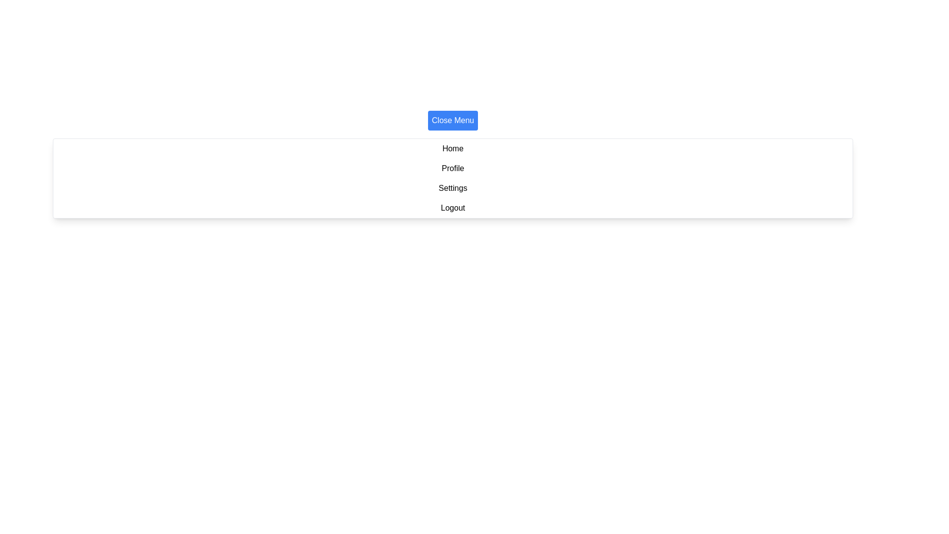 The height and width of the screenshot is (534, 949). What do you see at coordinates (452, 207) in the screenshot?
I see `the logout button, which is the last option in the vertical menu below the 'Settings' option` at bounding box center [452, 207].